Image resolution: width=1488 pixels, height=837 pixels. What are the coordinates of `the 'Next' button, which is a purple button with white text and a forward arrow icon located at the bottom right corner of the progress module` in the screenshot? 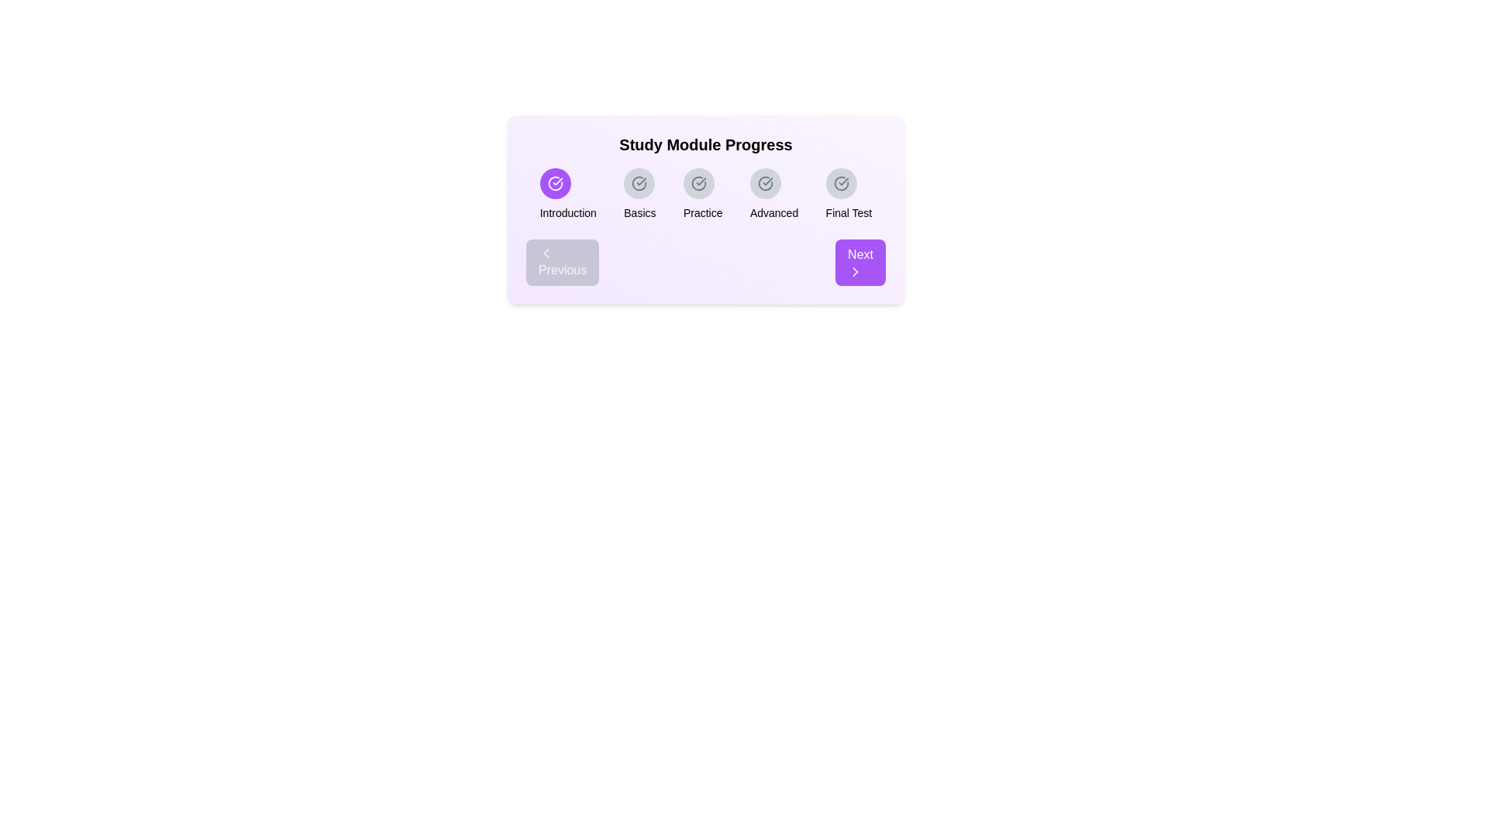 It's located at (859, 262).